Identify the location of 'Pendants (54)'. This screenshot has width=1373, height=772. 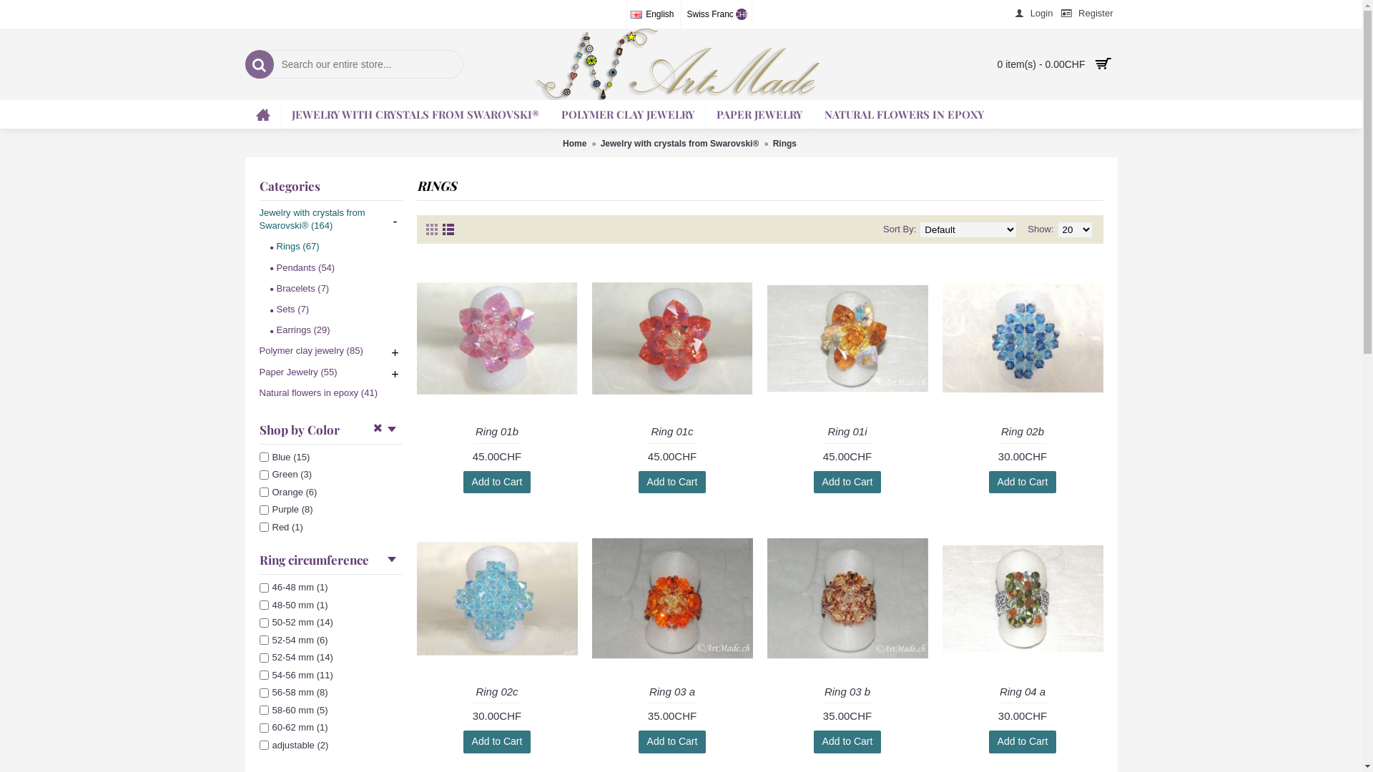
(329, 266).